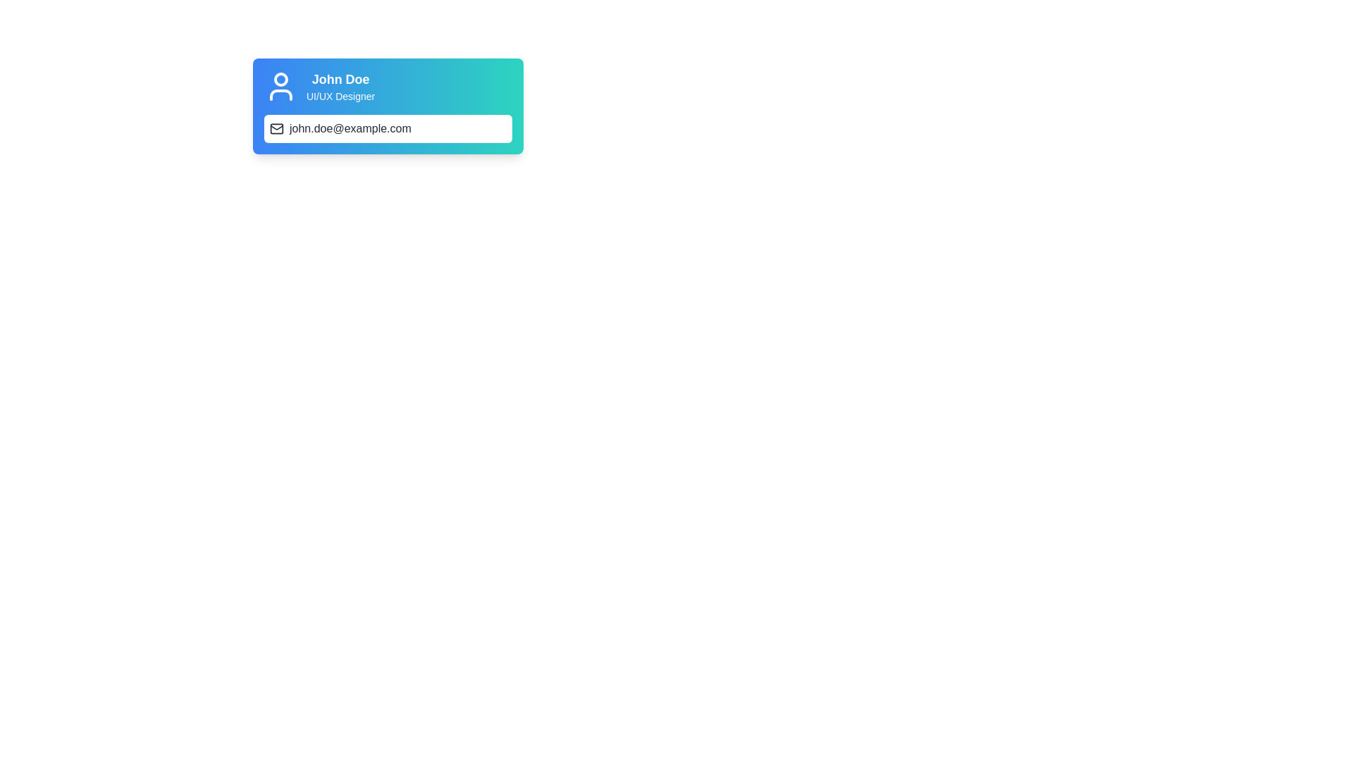  I want to click on the composite text label displaying the user's name and professional title, located to the right of the user silhouette icon in the top-left quadrant of the interface, so click(340, 87).